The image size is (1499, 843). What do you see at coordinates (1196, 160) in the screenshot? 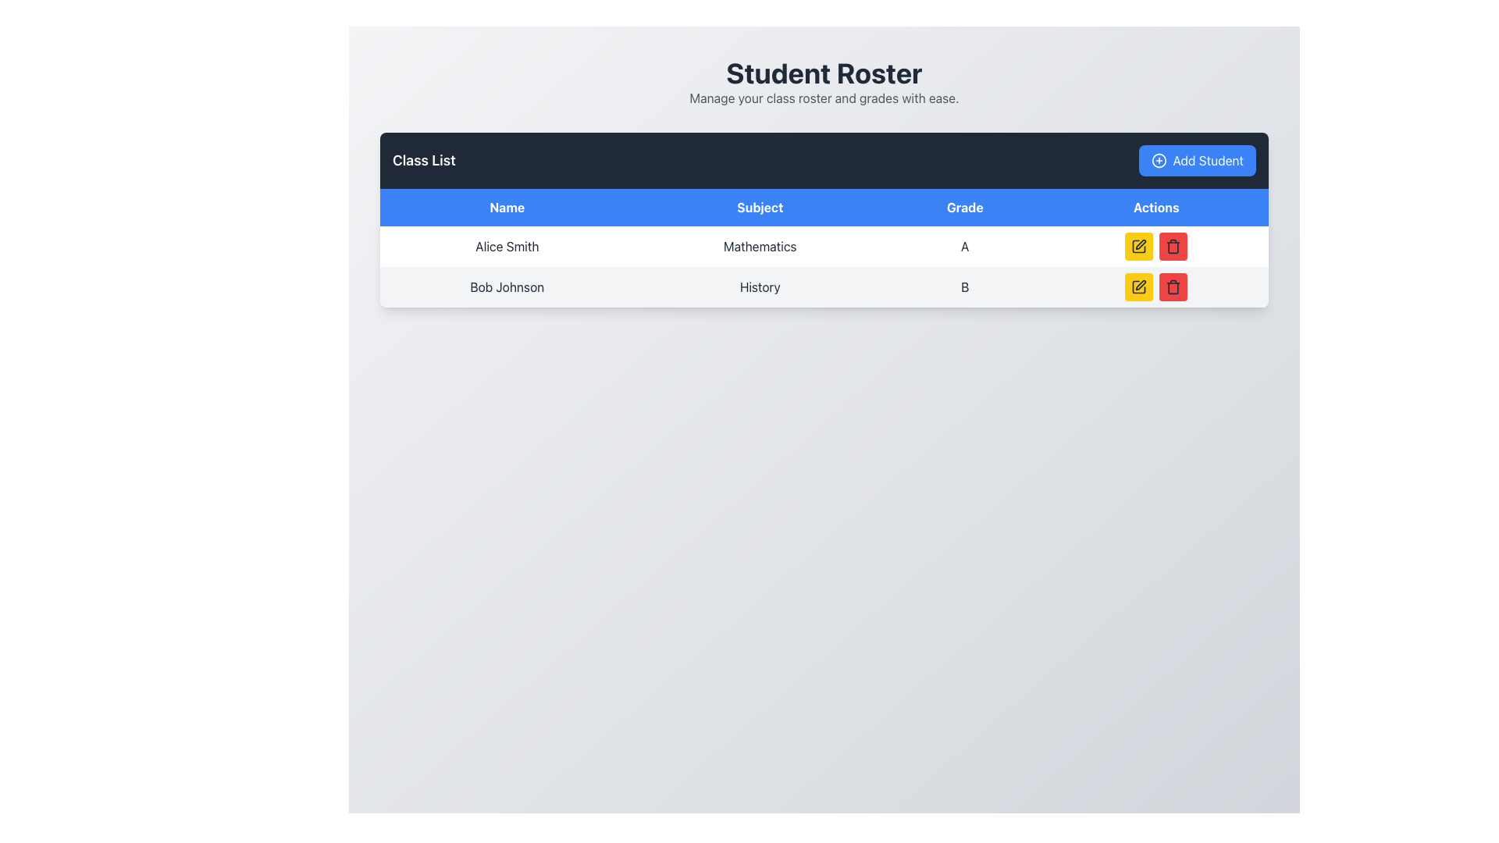
I see `the 'Add Student' button located in the top-right corner of the header section labeled as 'Class List'` at bounding box center [1196, 160].